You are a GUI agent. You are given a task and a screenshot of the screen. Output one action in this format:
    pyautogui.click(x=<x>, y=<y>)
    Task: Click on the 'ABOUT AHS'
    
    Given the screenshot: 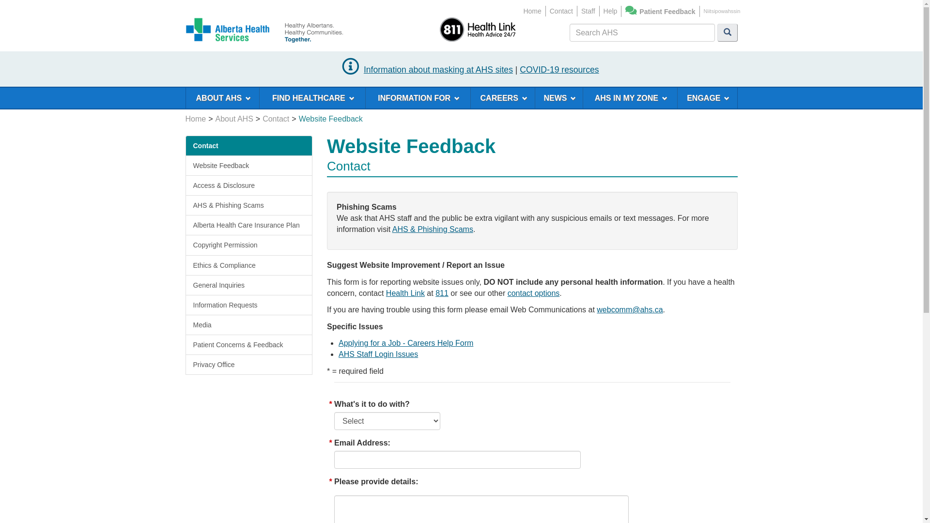 What is the action you would take?
    pyautogui.click(x=185, y=98)
    